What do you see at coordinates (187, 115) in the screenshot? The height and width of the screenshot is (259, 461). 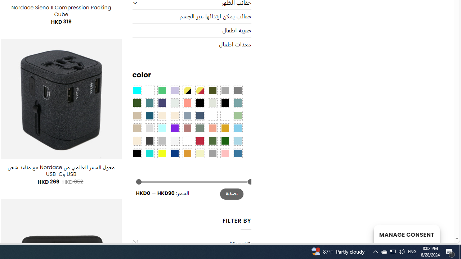 I see `'Dusty Blue'` at bounding box center [187, 115].